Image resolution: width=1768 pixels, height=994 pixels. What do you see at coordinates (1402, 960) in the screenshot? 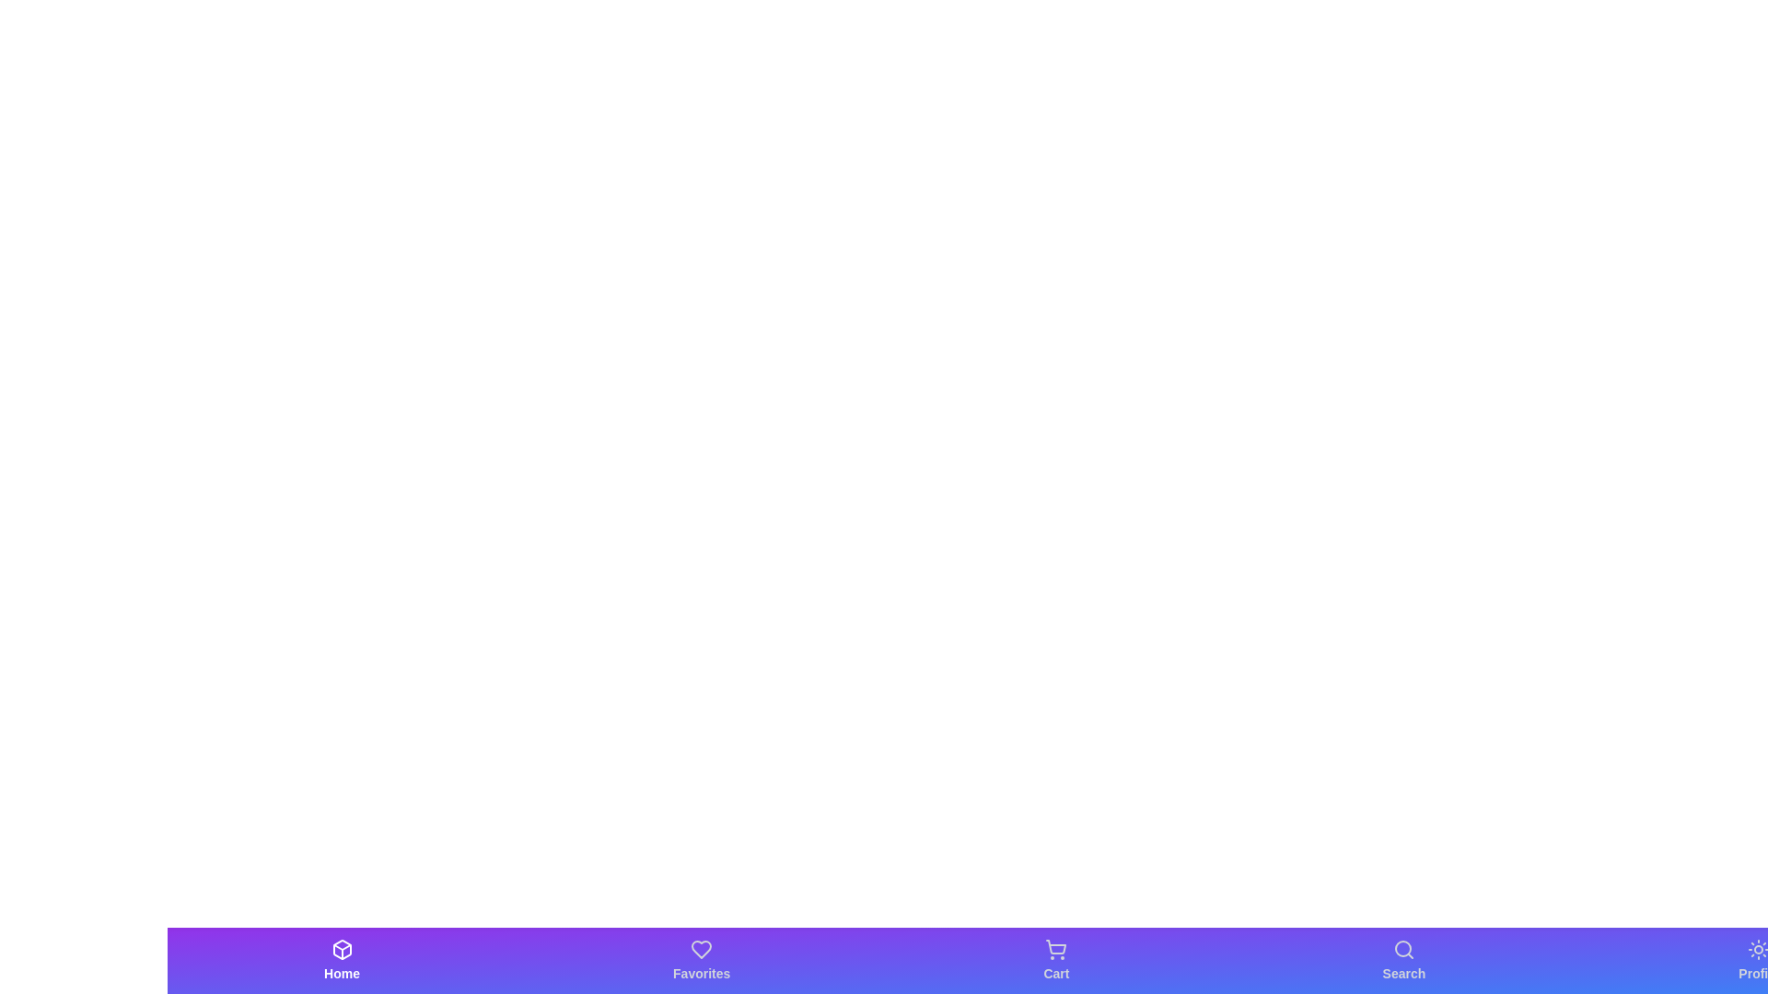
I see `the Search tab in the bottom bar` at bounding box center [1402, 960].